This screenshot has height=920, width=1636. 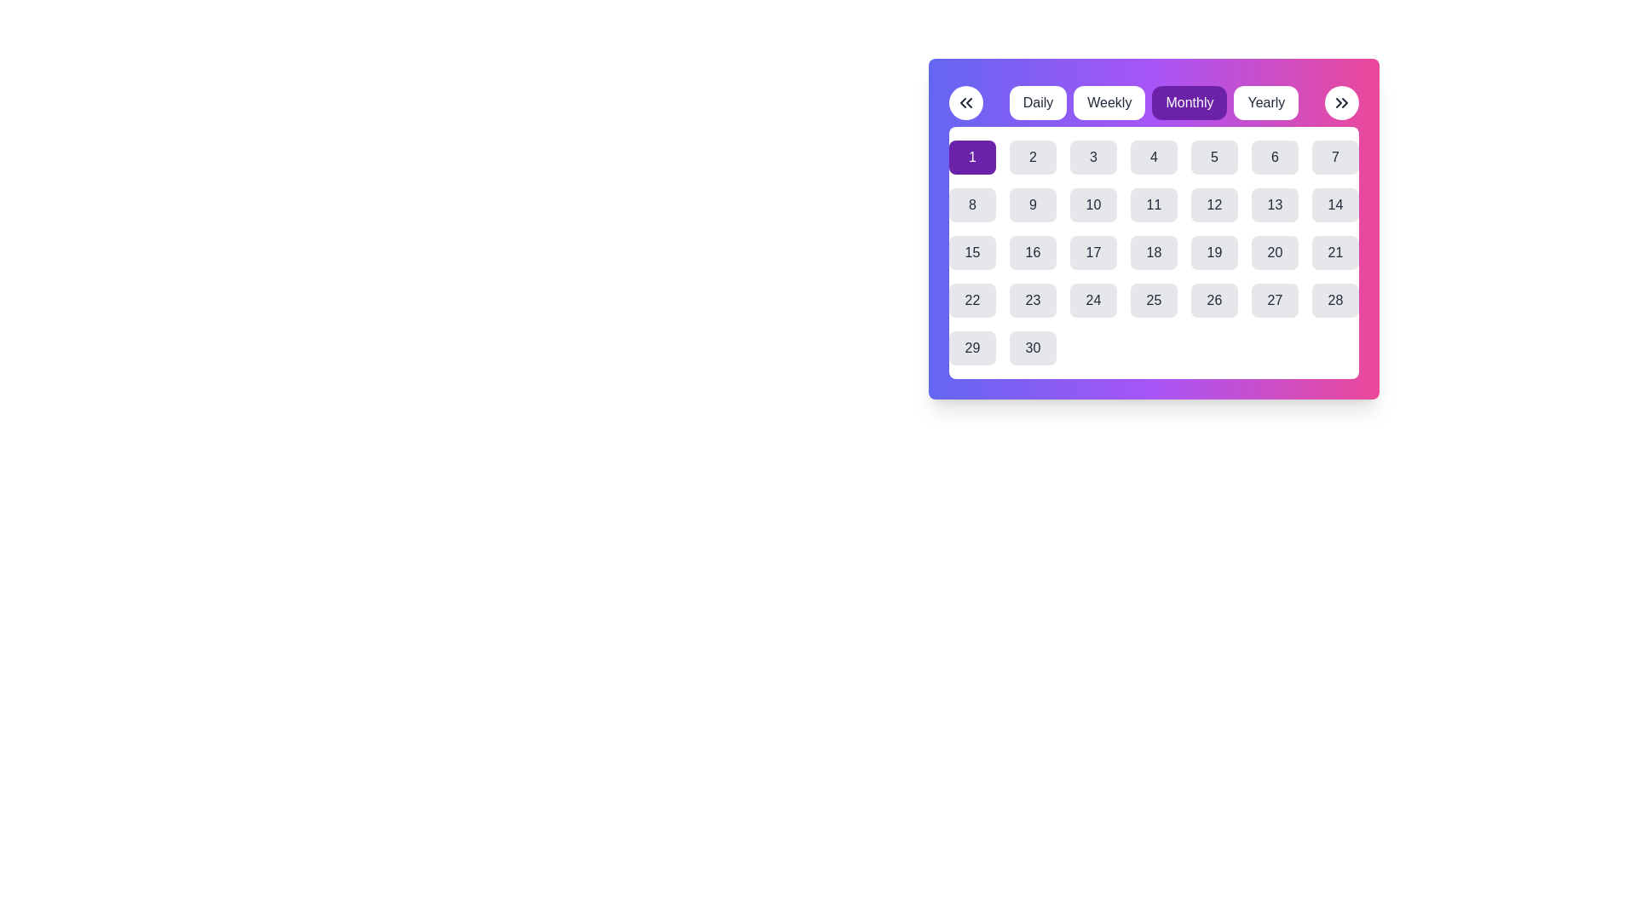 I want to click on the 'Monthly' button, which has a purple background and white text, so click(x=1154, y=102).